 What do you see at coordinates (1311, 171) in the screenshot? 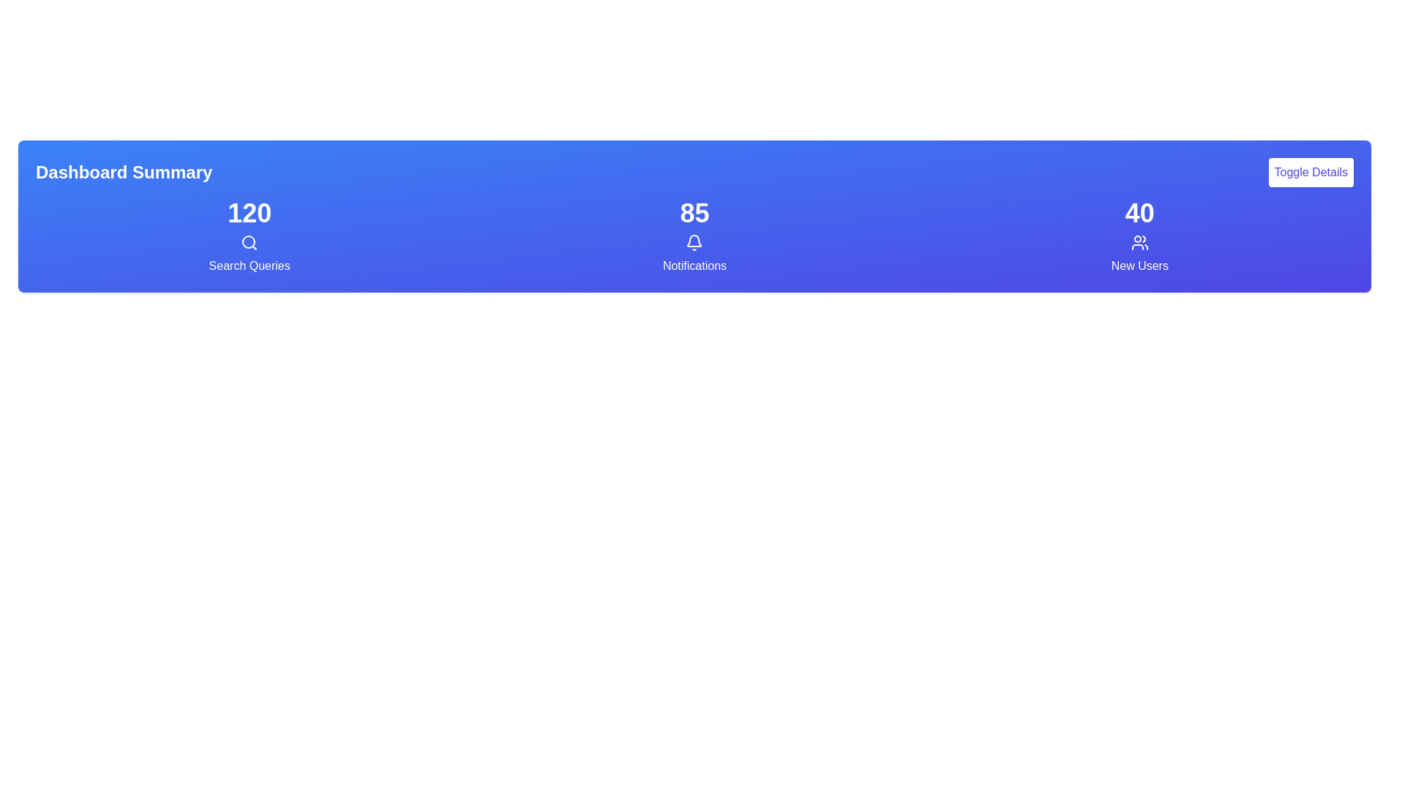
I see `the button located on the right side of the header section titled 'Dashboard Summary'` at bounding box center [1311, 171].